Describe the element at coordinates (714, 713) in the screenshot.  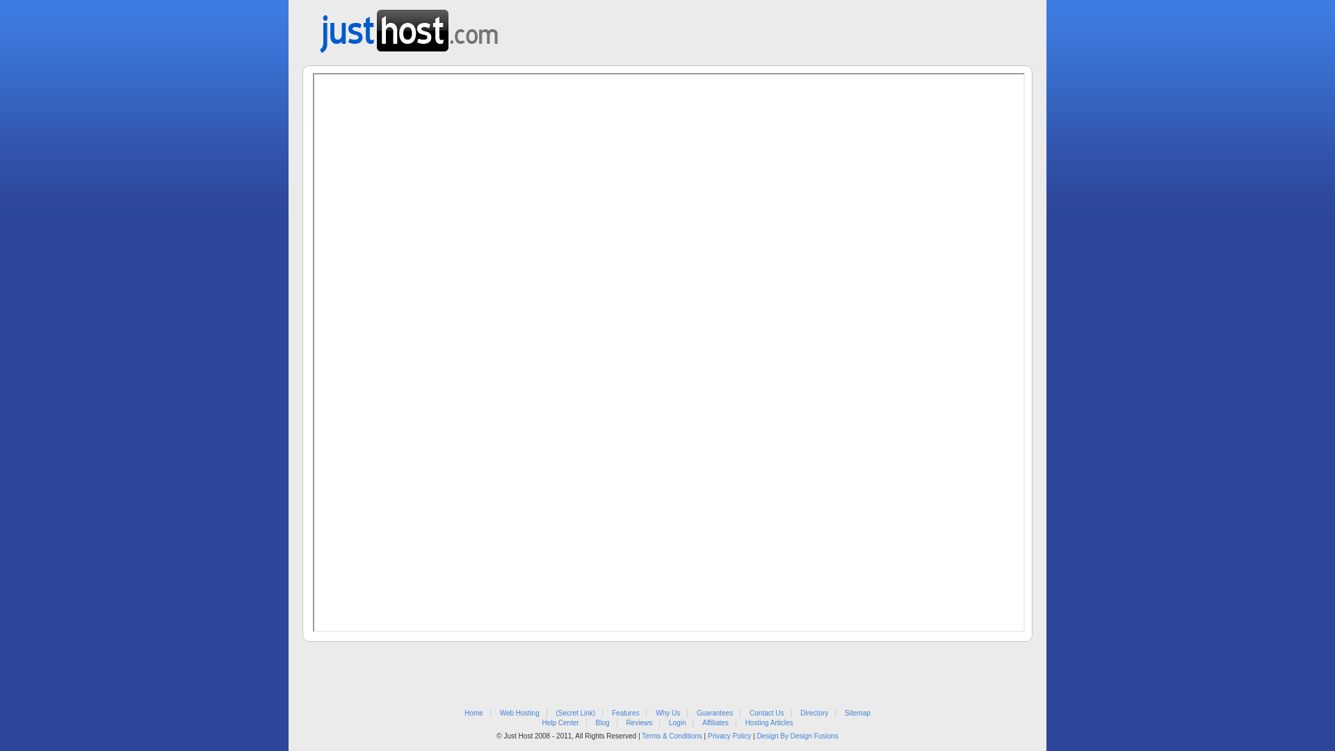
I see `'Guarantees'` at that location.